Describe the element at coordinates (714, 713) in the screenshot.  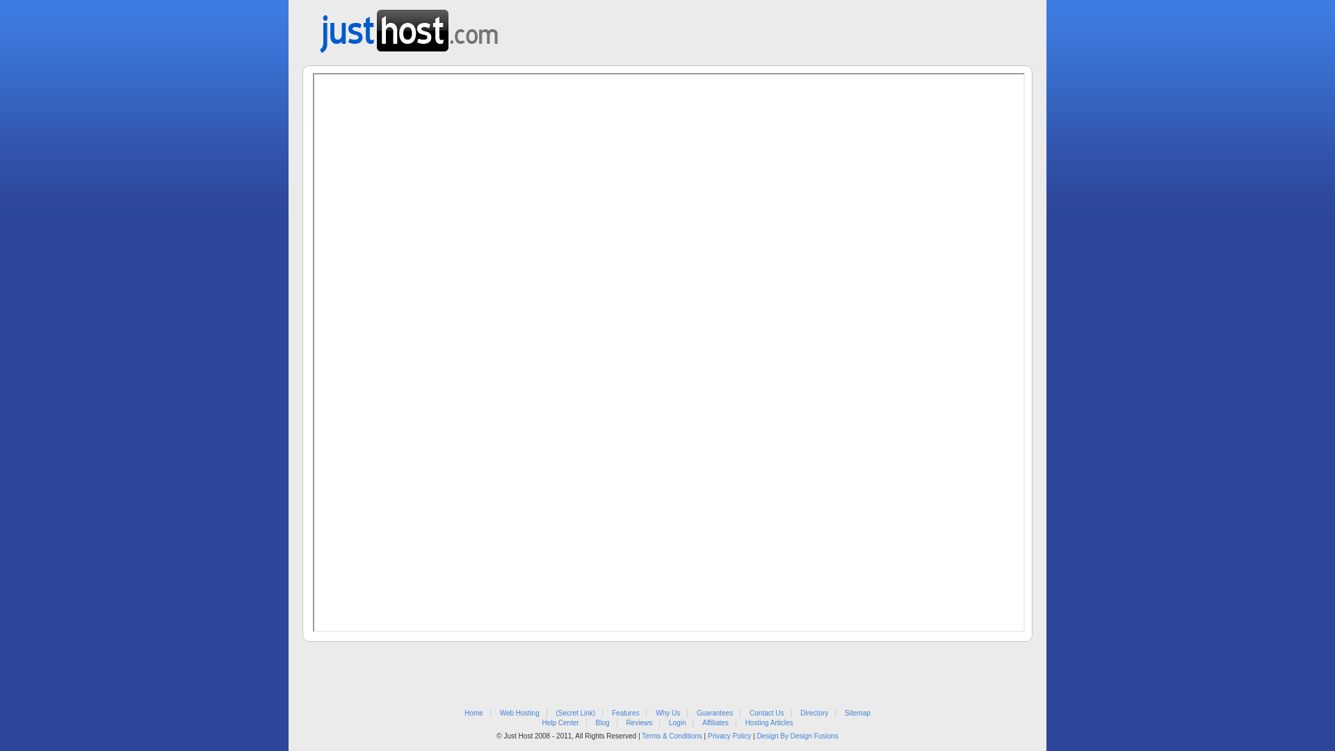
I see `'Guarantees'` at that location.